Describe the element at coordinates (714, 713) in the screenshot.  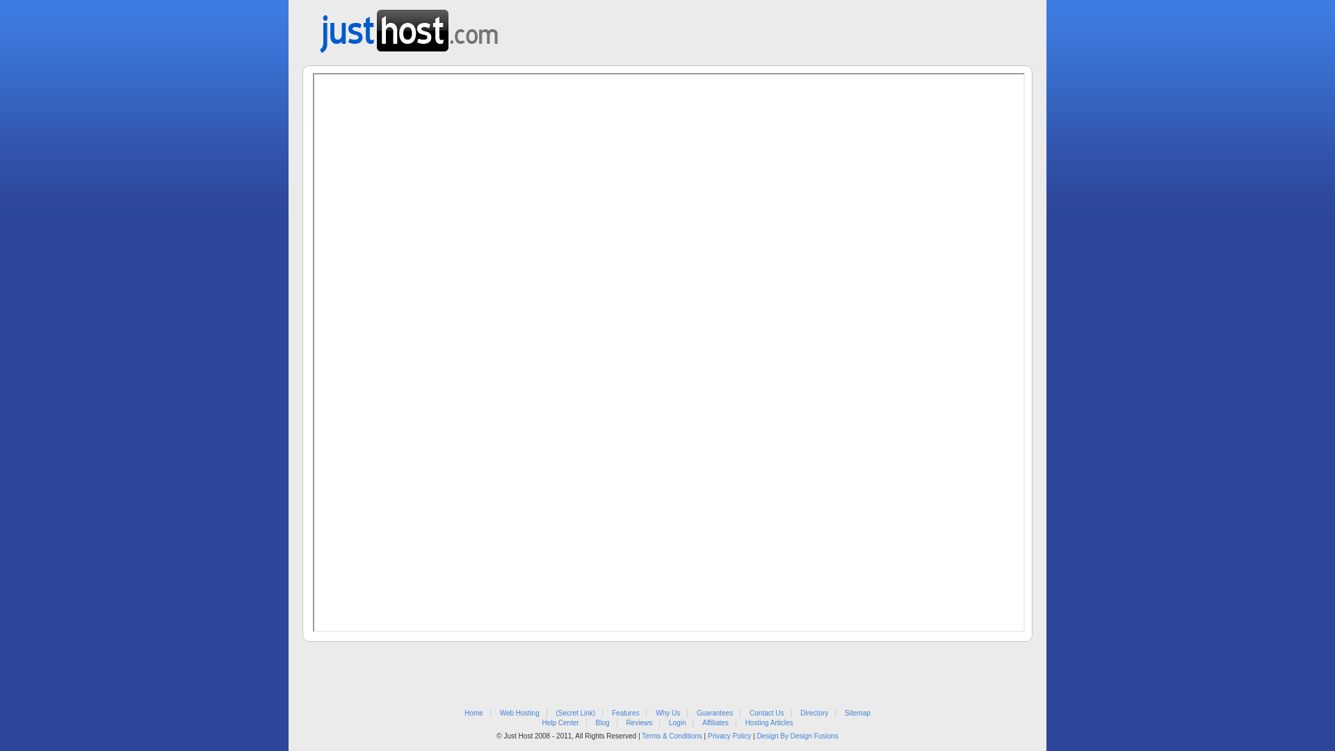
I see `'Guarantees'` at that location.